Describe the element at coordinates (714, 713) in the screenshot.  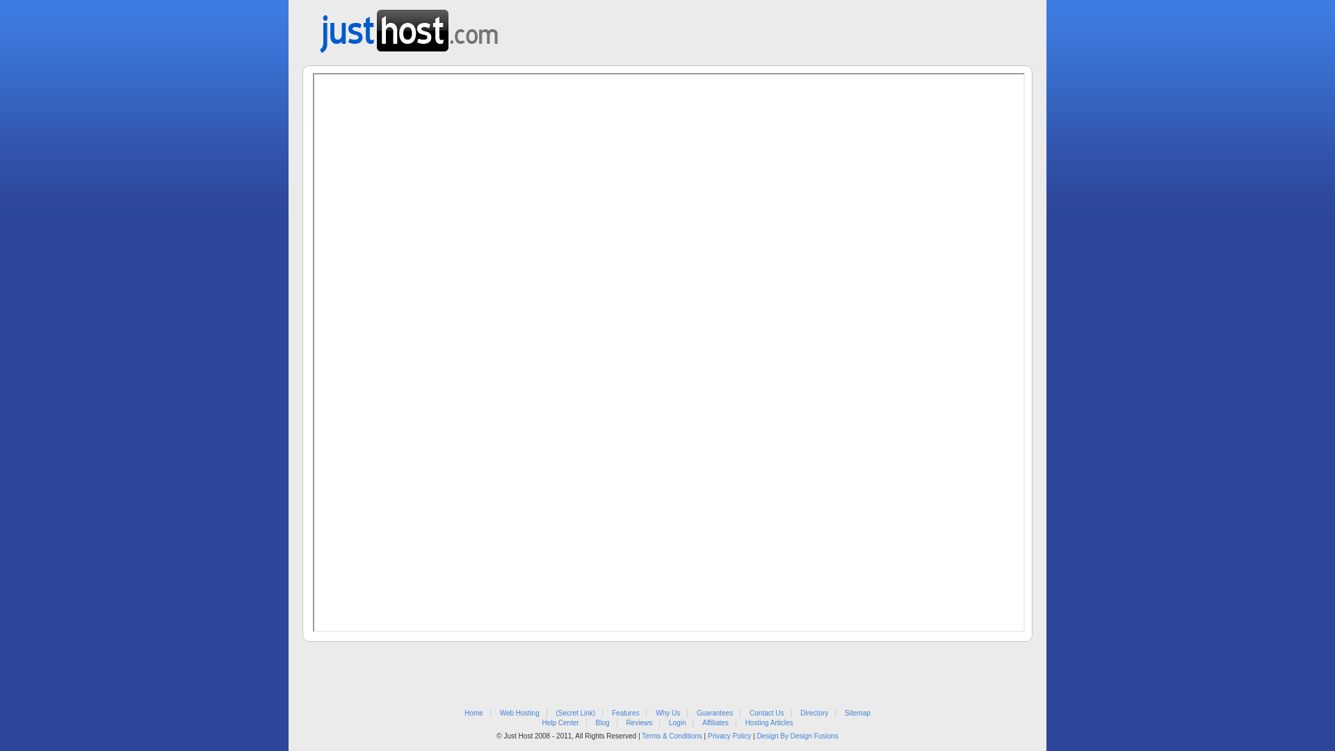
I see `'Guarantees'` at that location.